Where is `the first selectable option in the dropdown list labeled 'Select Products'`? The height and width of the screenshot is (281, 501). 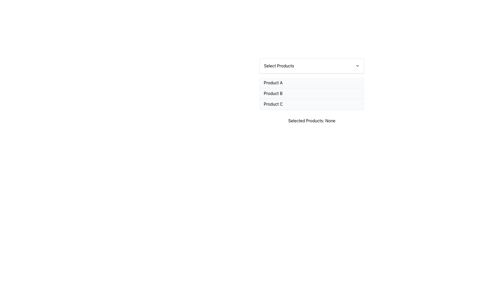
the first selectable option in the dropdown list labeled 'Select Products' is located at coordinates (312, 82).